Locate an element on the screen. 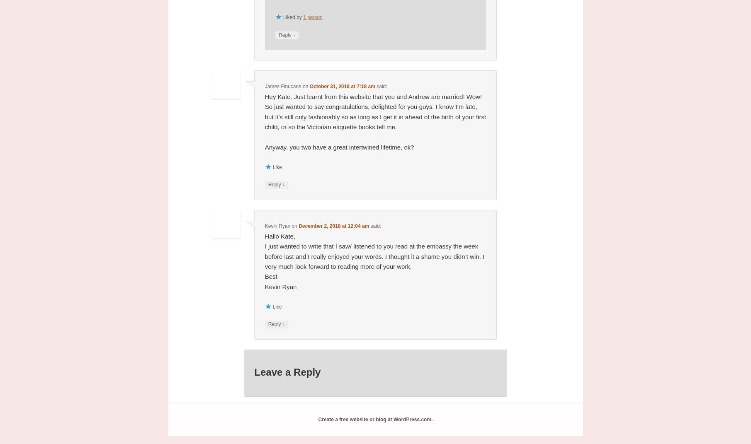 This screenshot has width=751, height=444. 'Anyway, you two have a great intertwined lifetime, ok?' is located at coordinates (339, 147).